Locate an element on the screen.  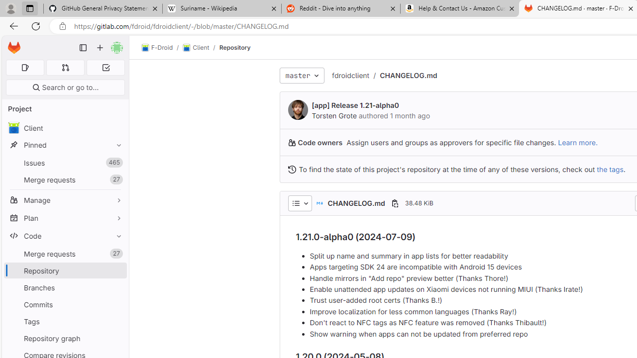
'Client/' is located at coordinates (201, 48).